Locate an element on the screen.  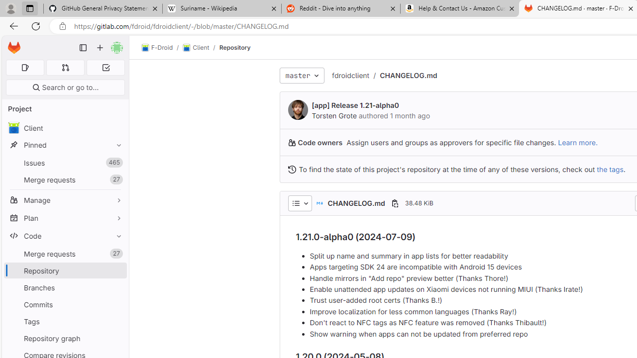
'Client/' is located at coordinates (201, 48).